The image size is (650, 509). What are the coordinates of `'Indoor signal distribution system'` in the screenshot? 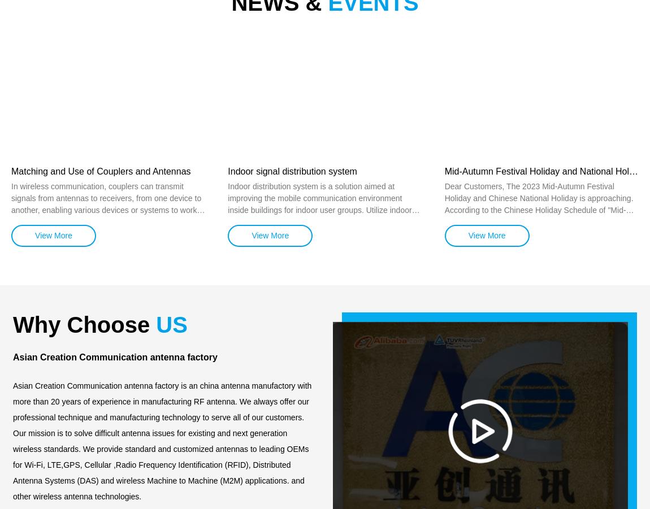 It's located at (292, 171).